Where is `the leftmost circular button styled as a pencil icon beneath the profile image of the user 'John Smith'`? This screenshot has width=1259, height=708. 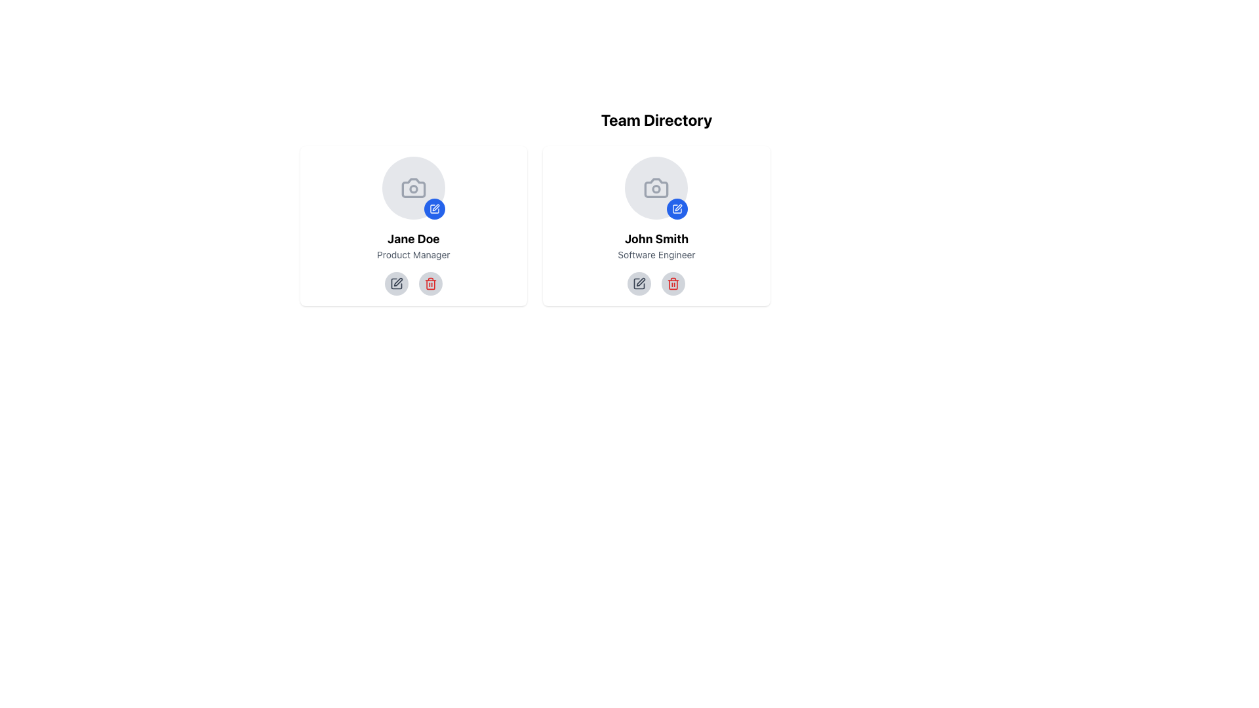 the leftmost circular button styled as a pencil icon beneath the profile image of the user 'John Smith' is located at coordinates (639, 283).